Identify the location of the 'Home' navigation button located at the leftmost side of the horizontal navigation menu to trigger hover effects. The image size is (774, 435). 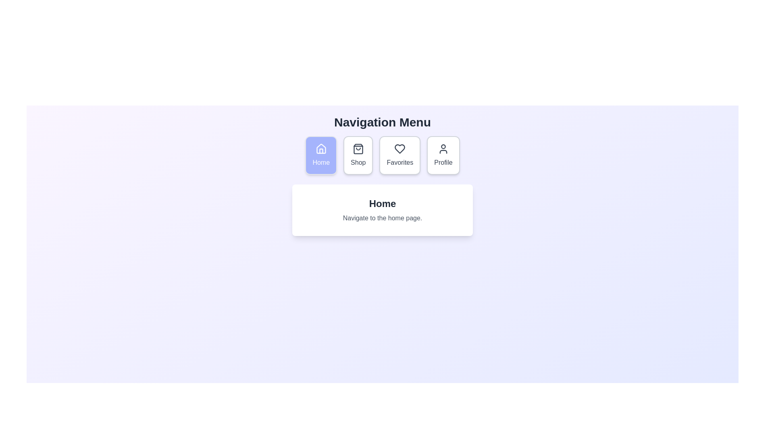
(320, 155).